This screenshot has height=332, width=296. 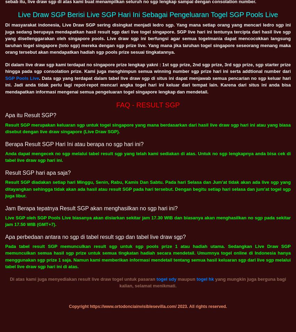 I want to click on 'Di atas kami juga menyediakan result live draw togel untuk pasaran', so click(x=83, y=279).